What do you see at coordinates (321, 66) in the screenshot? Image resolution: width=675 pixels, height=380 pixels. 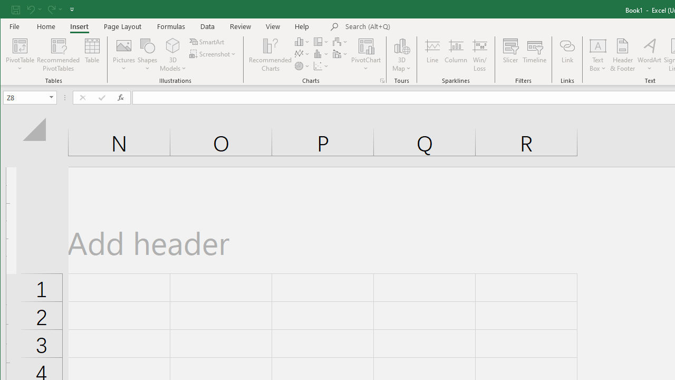 I see `'Insert Scatter (X, Y) or Bubble Chart'` at bounding box center [321, 66].